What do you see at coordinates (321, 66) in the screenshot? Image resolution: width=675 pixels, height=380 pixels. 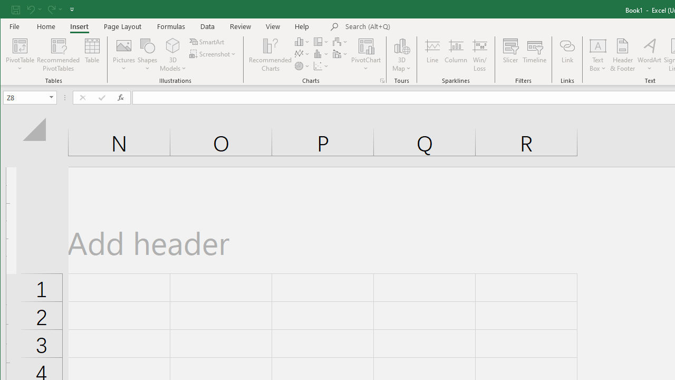 I see `'Insert Scatter (X, Y) or Bubble Chart'` at bounding box center [321, 66].